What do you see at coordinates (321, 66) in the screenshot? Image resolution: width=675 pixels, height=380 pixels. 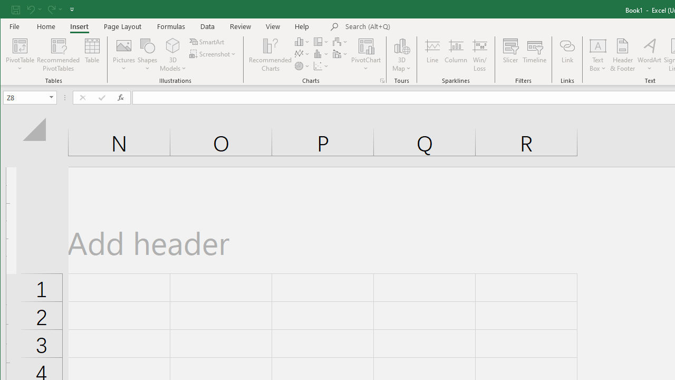 I see `'Insert Scatter (X, Y) or Bubble Chart'` at bounding box center [321, 66].